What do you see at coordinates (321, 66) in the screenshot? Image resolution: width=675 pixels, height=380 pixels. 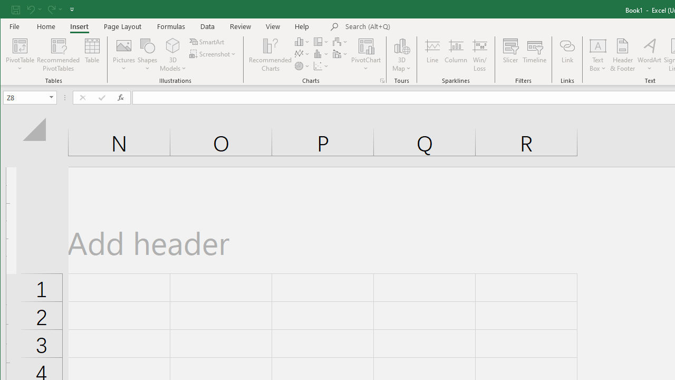 I see `'Insert Scatter (X, Y) or Bubble Chart'` at bounding box center [321, 66].